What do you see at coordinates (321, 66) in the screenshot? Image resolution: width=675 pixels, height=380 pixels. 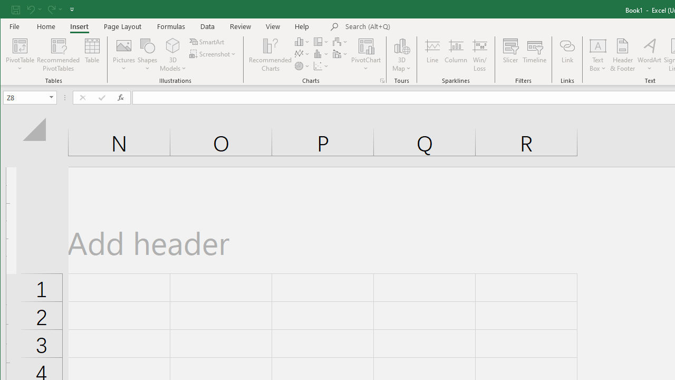 I see `'Insert Scatter (X, Y) or Bubble Chart'` at bounding box center [321, 66].